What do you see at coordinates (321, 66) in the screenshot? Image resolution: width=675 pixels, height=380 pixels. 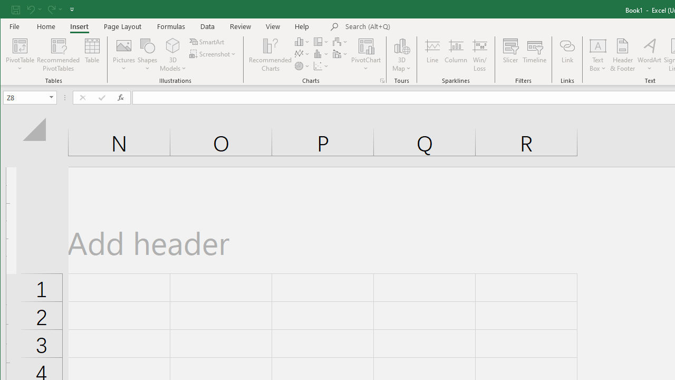 I see `'Insert Scatter (X, Y) or Bubble Chart'` at bounding box center [321, 66].